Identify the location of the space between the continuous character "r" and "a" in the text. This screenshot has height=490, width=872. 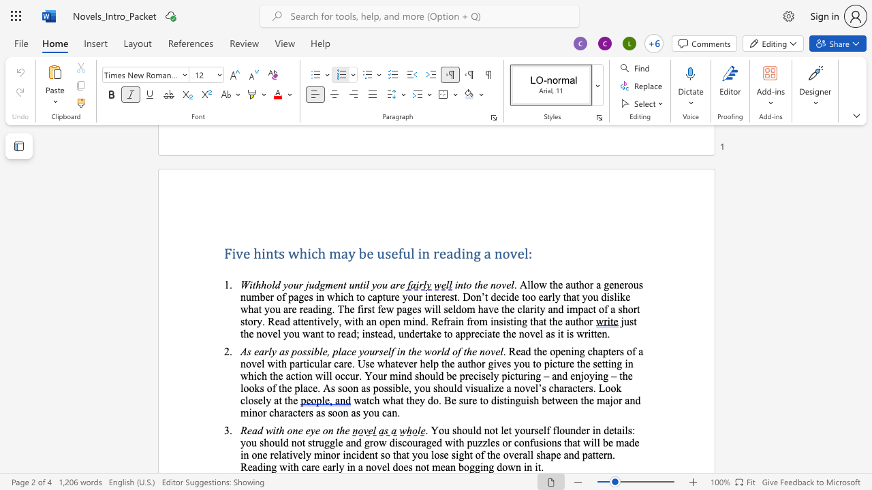
(522, 455).